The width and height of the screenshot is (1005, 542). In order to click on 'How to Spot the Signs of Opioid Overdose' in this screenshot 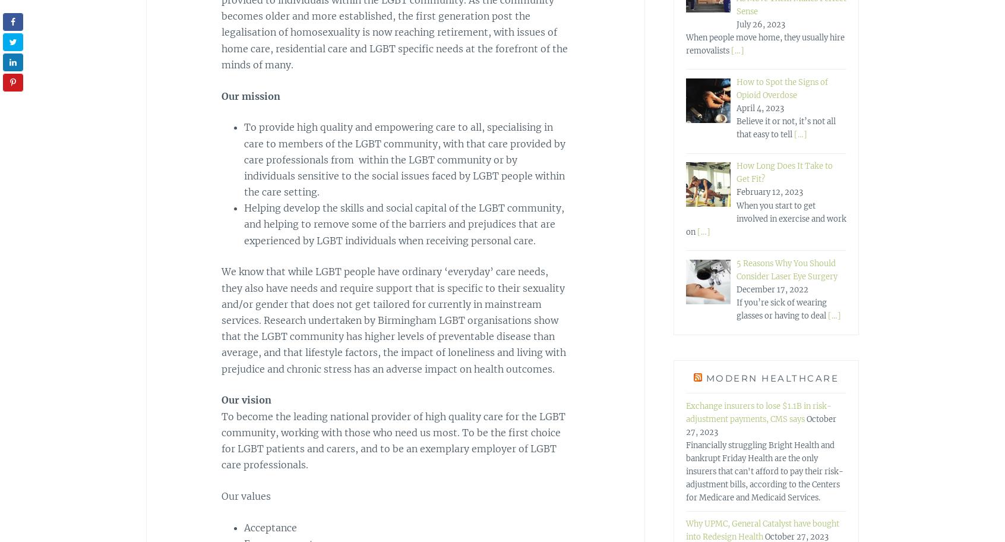, I will do `click(781, 87)`.